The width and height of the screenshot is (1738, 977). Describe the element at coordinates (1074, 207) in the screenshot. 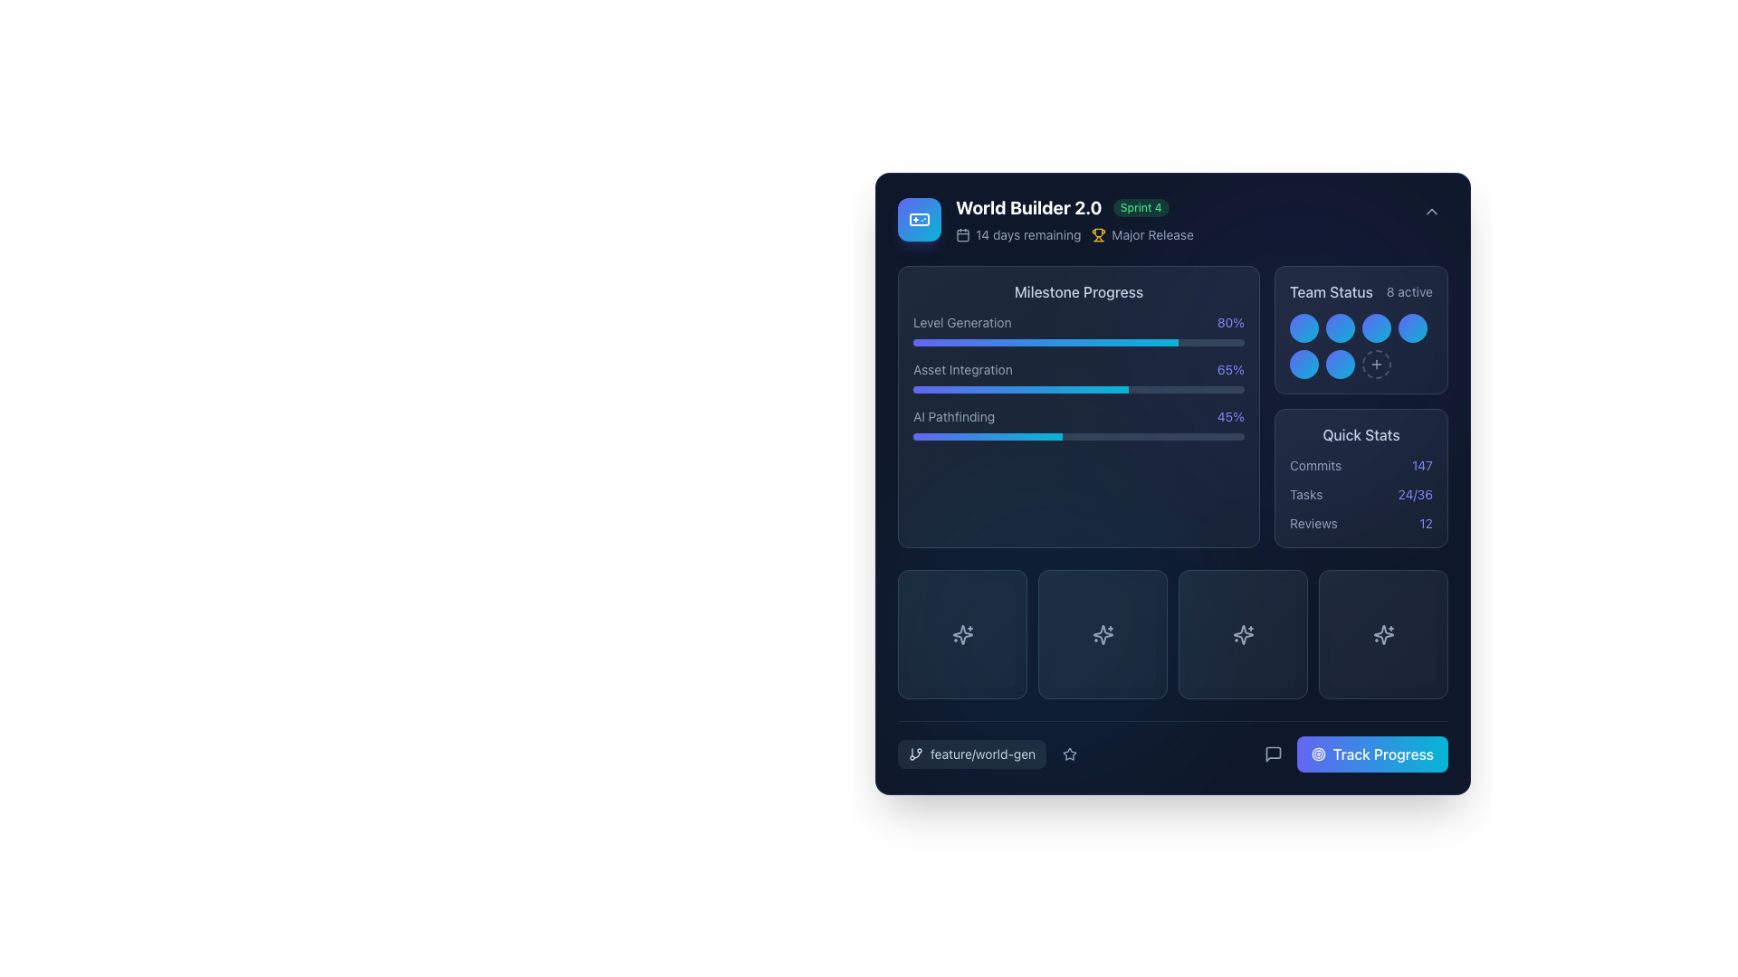

I see `text label displaying the project title 'World Builder 2.0' and current sprint cycle 'Sprint 4', located in the top-left region of the interface` at that location.